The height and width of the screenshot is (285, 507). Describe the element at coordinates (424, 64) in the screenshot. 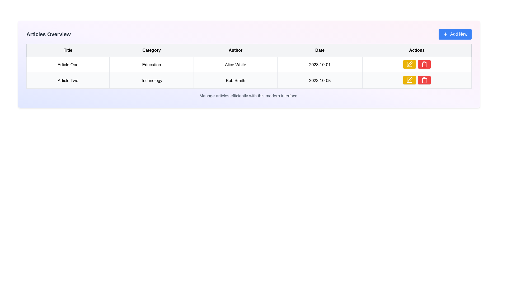

I see `the rightmost icon button in the second row of the Actions column to initiate a delete action` at that location.